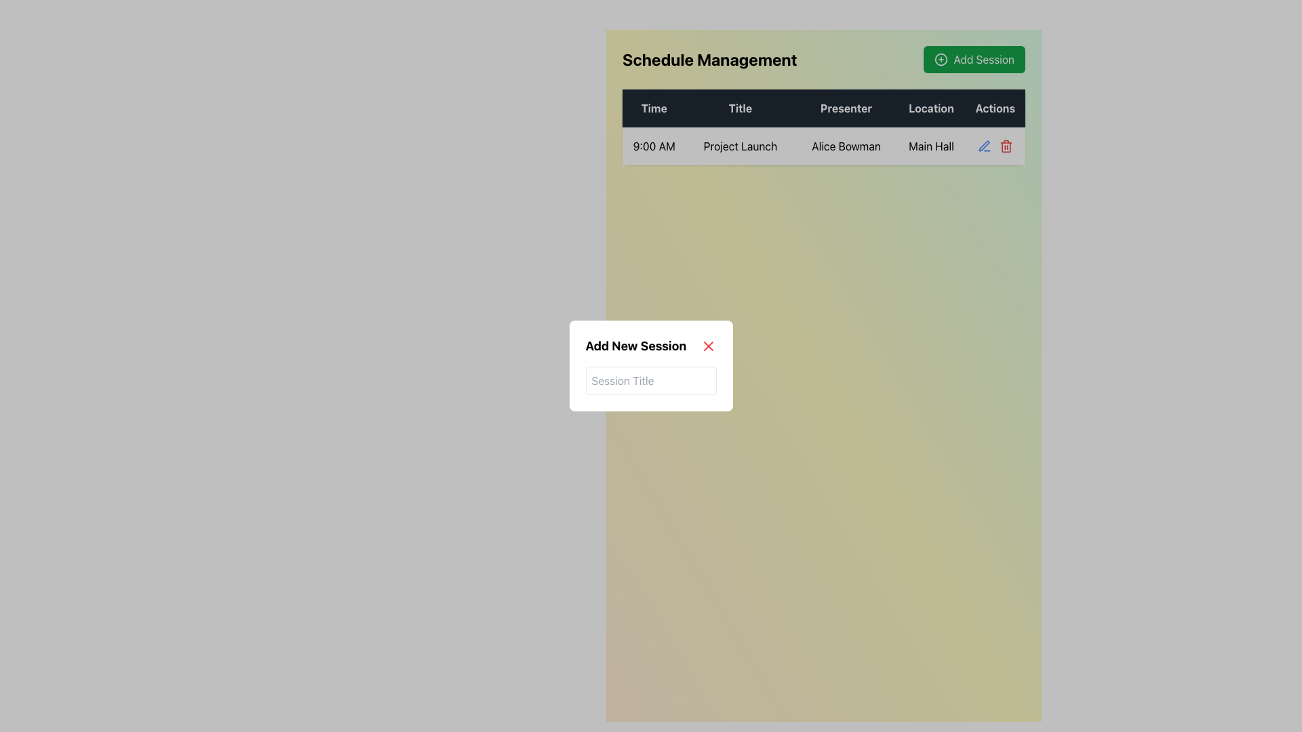 The image size is (1302, 732). I want to click on the static text label displaying 'Project Launch', located in the second column under the 'Title' header of the schedule table, so click(739, 146).